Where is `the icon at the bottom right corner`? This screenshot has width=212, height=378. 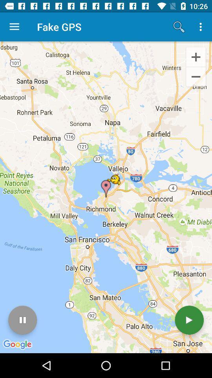 the icon at the bottom right corner is located at coordinates (189, 320).